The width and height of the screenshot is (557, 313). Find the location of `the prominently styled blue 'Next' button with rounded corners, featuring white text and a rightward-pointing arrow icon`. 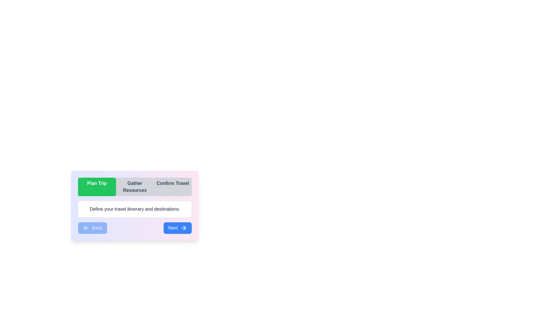

the prominently styled blue 'Next' button with rounded corners, featuring white text and a rightward-pointing arrow icon is located at coordinates (177, 228).